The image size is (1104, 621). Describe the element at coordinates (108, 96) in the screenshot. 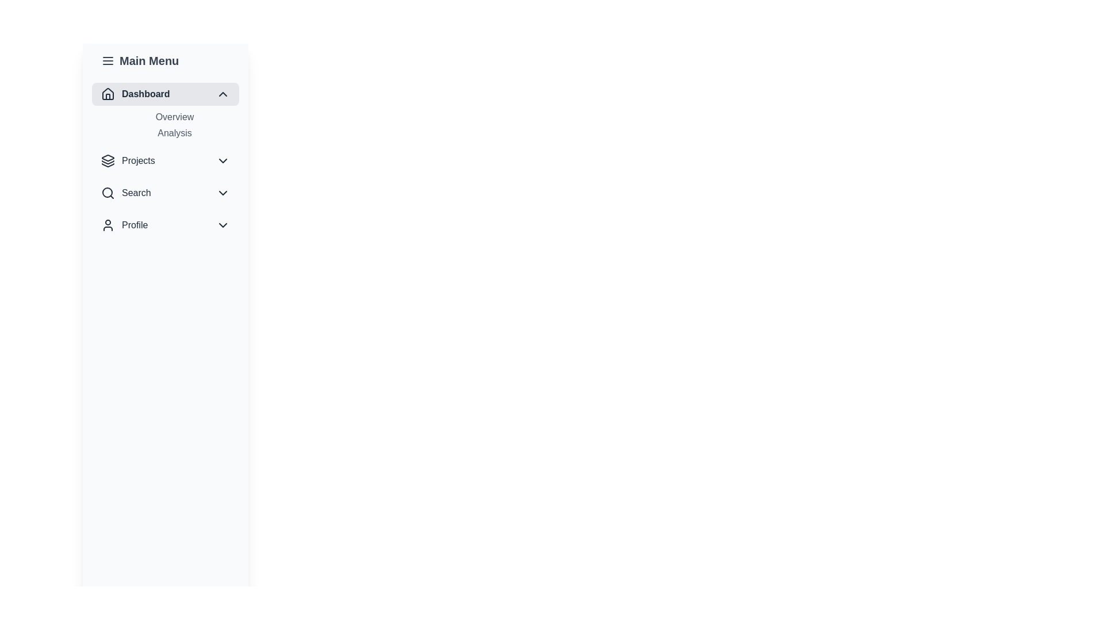

I see `the small rectangular graphical shape located within the house icon, which is part of the sidebar navigation next to the 'Dashboard' label` at that location.